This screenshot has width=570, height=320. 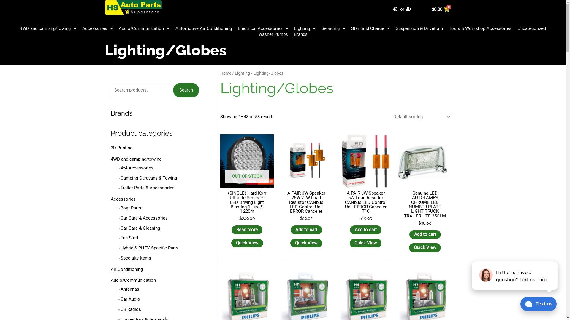 I want to click on 'Camping Caravans & Towing', so click(x=148, y=178).